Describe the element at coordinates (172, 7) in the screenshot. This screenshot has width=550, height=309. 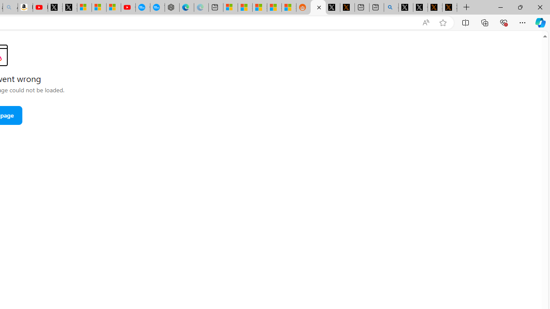
I see `'Nordace - Nordace has arrived Hong Kong'` at that location.